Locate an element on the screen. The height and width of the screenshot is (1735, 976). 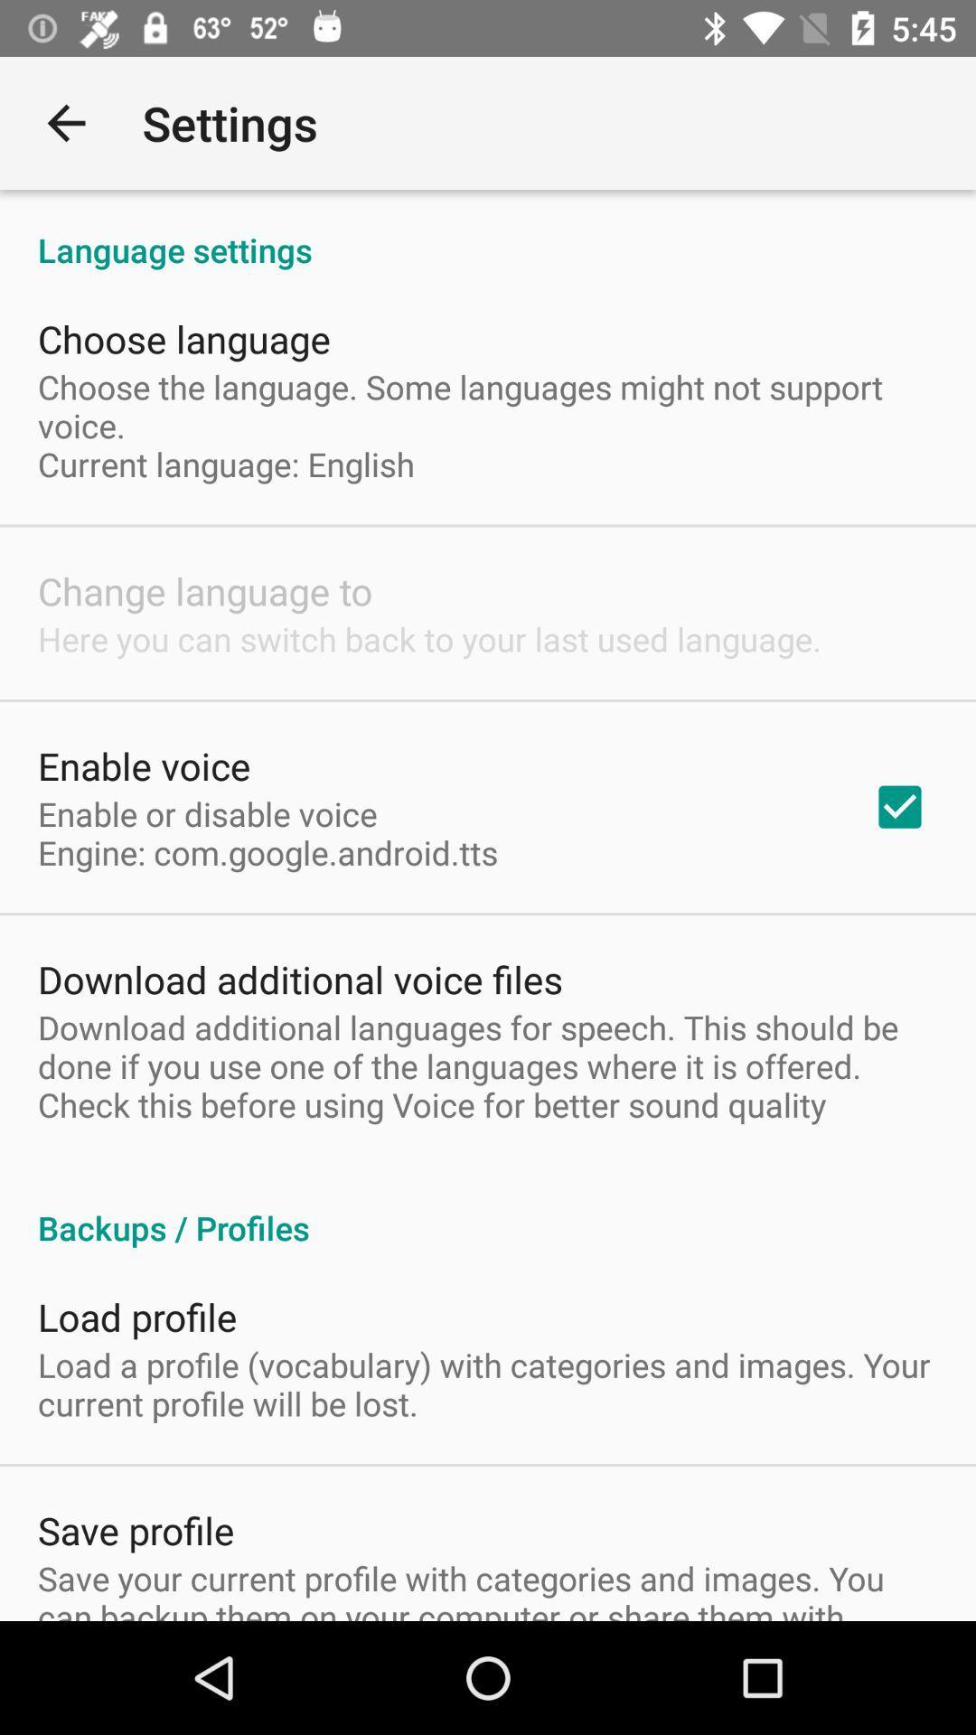
item to the right of the enable or disable item is located at coordinates (899, 806).